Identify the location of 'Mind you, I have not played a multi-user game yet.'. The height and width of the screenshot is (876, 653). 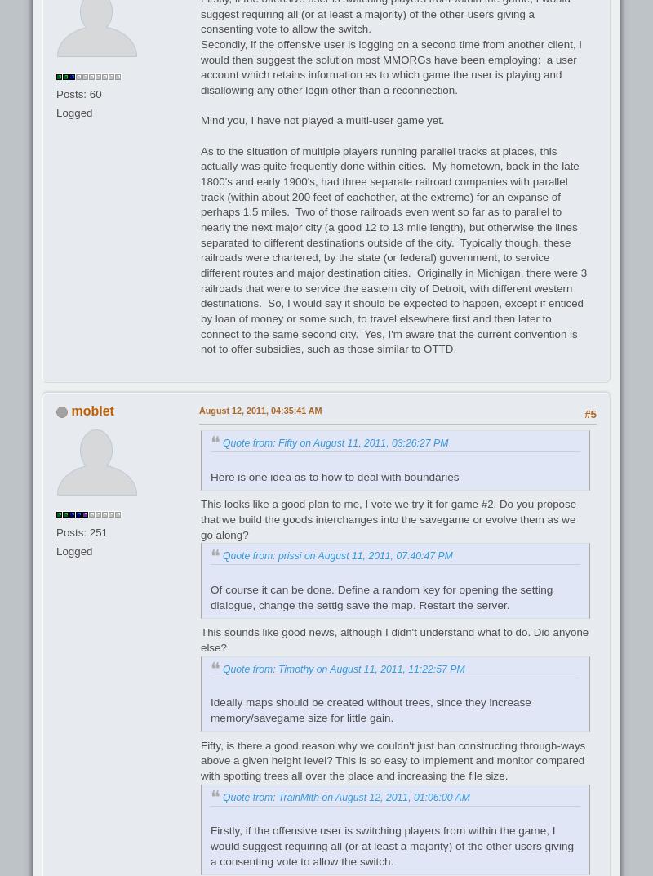
(323, 119).